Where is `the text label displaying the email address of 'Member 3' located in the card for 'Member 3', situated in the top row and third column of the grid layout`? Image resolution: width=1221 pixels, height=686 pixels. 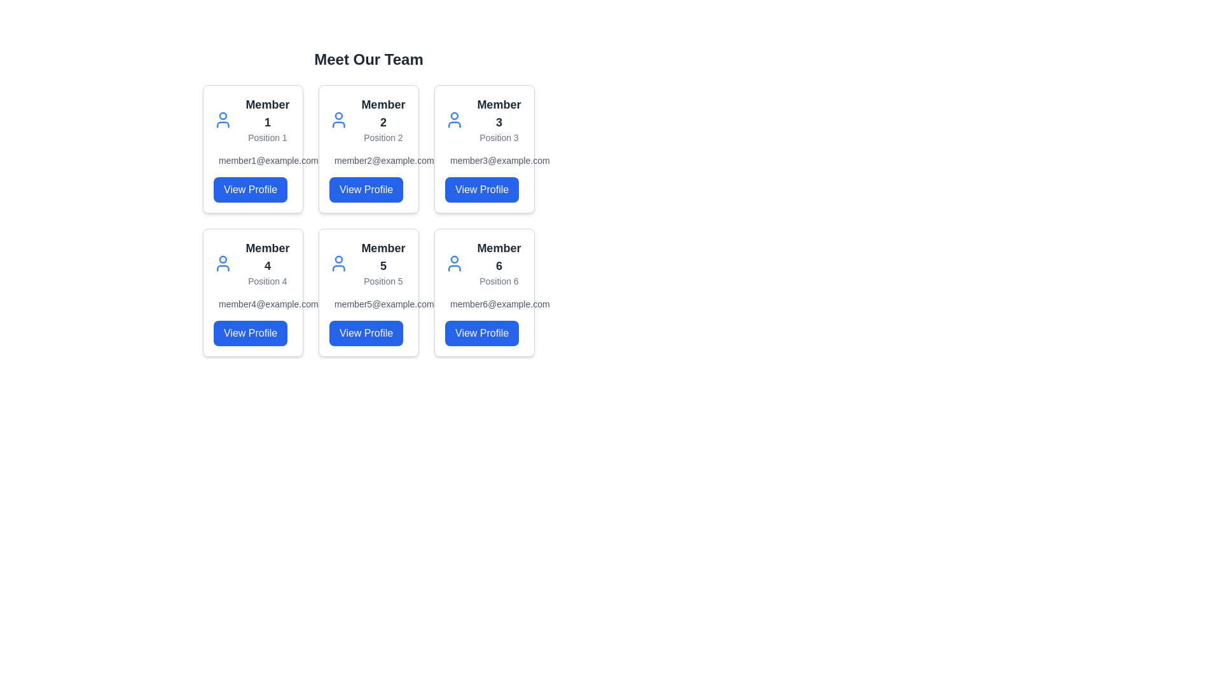 the text label displaying the email address of 'Member 3' located in the card for 'Member 3', situated in the top row and third column of the grid layout is located at coordinates (484, 160).